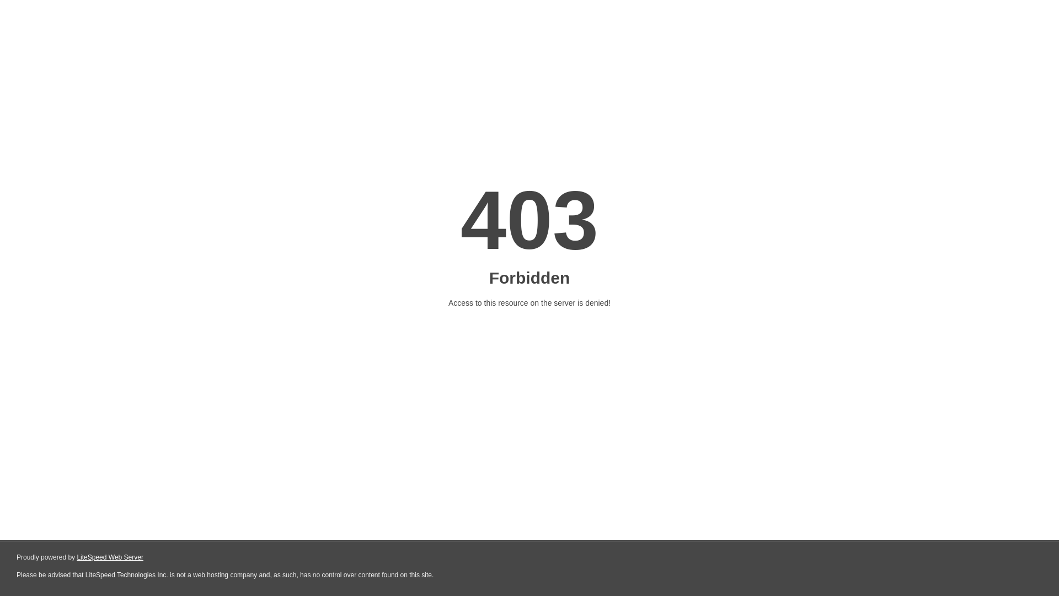 This screenshot has width=1059, height=596. Describe the element at coordinates (110, 557) in the screenshot. I see `'LiteSpeed Web Server'` at that location.